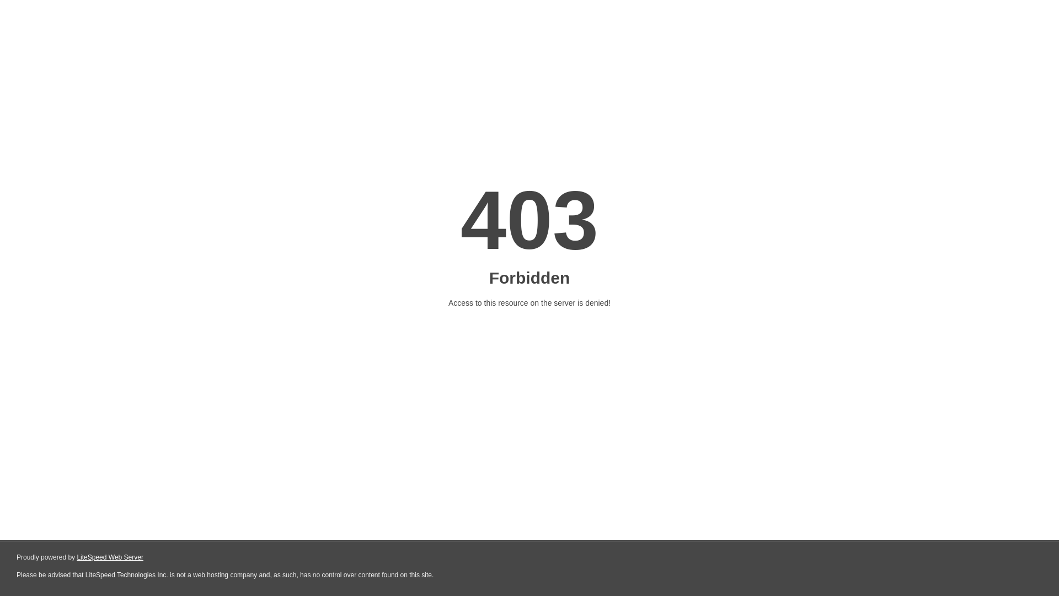 This screenshot has width=1059, height=596. Describe the element at coordinates (110, 557) in the screenshot. I see `'LiteSpeed Web Server'` at that location.